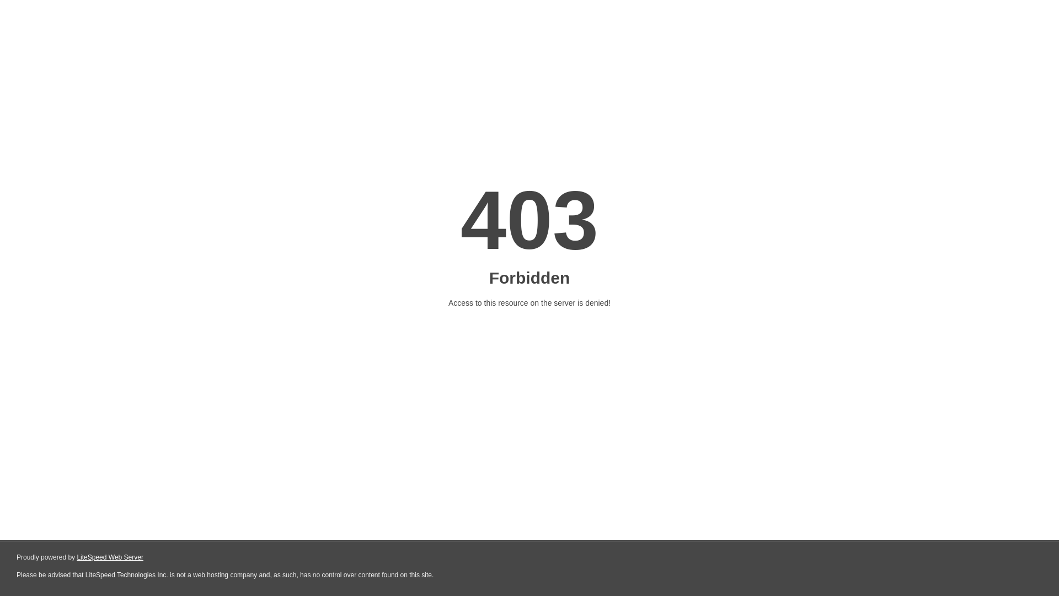 This screenshot has width=1059, height=596. Describe the element at coordinates (110, 557) in the screenshot. I see `'LiteSpeed Web Server'` at that location.